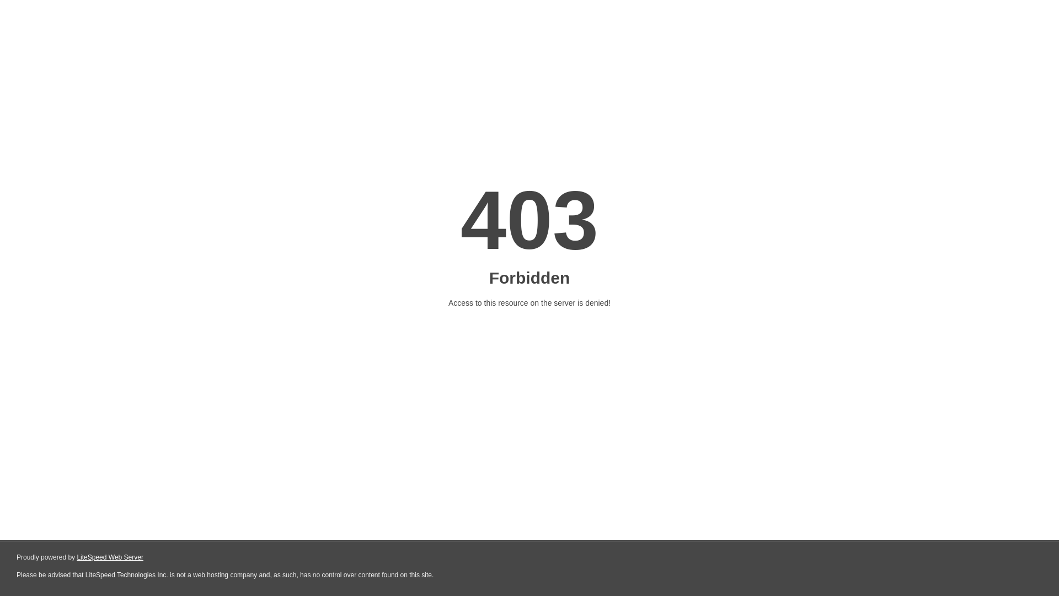 This screenshot has width=1059, height=596. Describe the element at coordinates (110, 557) in the screenshot. I see `'LiteSpeed Web Server'` at that location.